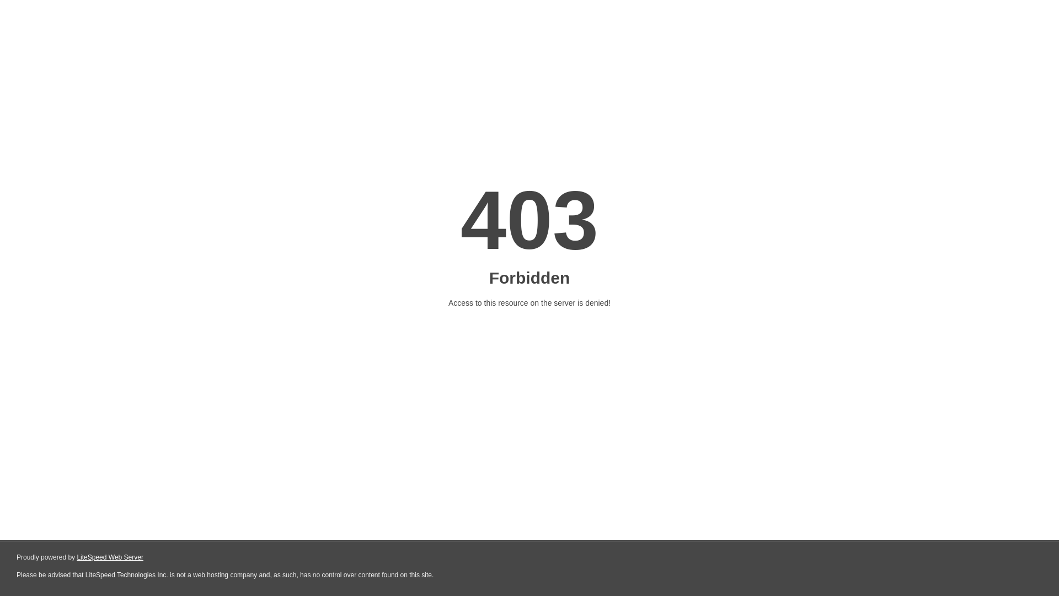 This screenshot has width=1059, height=596. Describe the element at coordinates (110, 557) in the screenshot. I see `'LiteSpeed Web Server'` at that location.